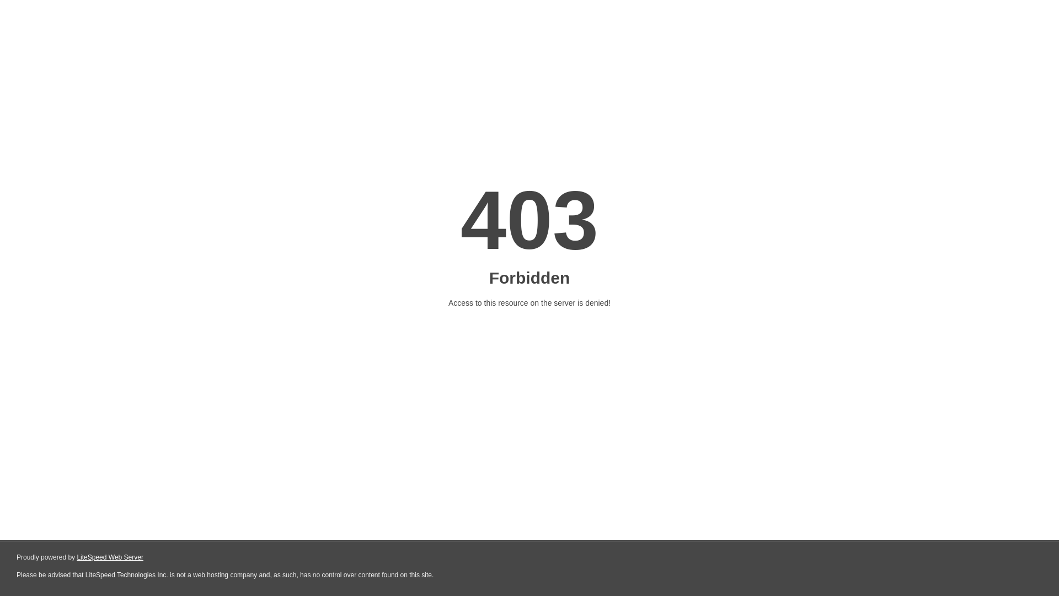 This screenshot has width=1059, height=596. Describe the element at coordinates (110, 557) in the screenshot. I see `'LiteSpeed Web Server'` at that location.